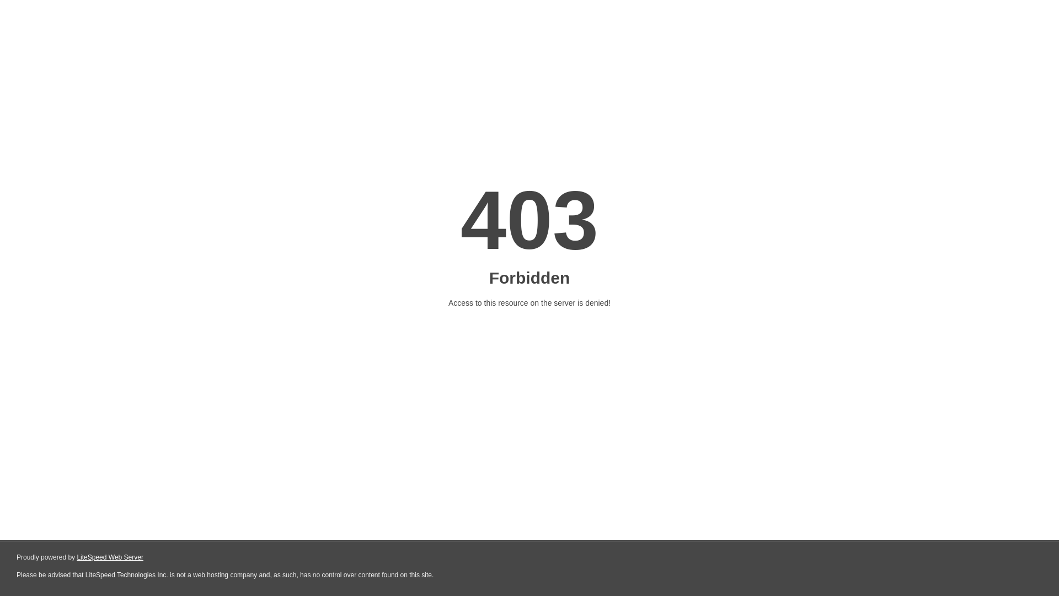 This screenshot has width=1059, height=596. Describe the element at coordinates (110, 557) in the screenshot. I see `'LiteSpeed Web Server'` at that location.